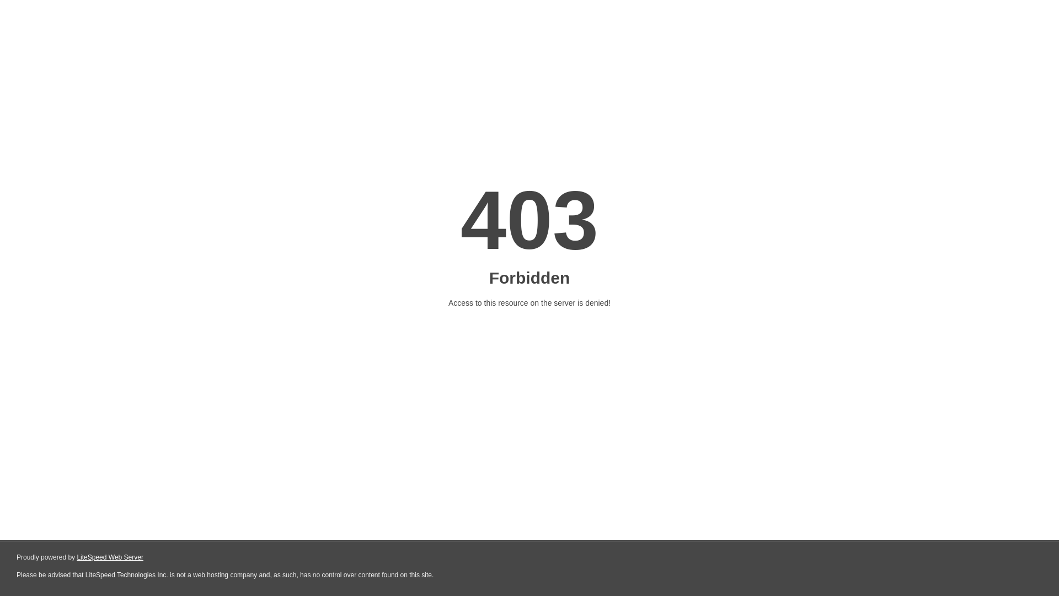 This screenshot has width=1059, height=596. Describe the element at coordinates (110, 557) in the screenshot. I see `'LiteSpeed Web Server'` at that location.